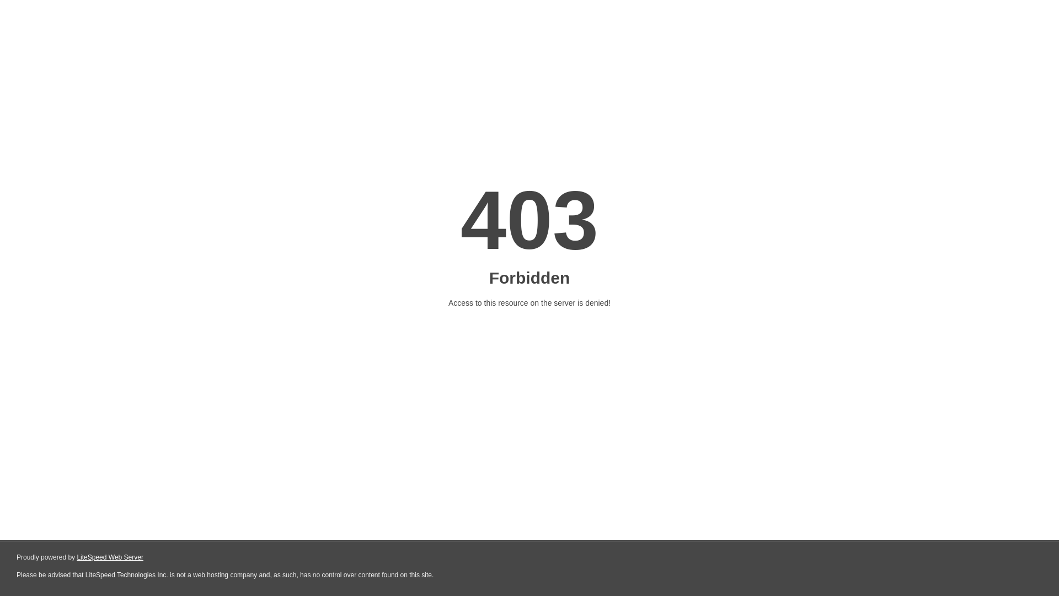 This screenshot has width=1059, height=596. Describe the element at coordinates (110, 557) in the screenshot. I see `'LiteSpeed Web Server'` at that location.